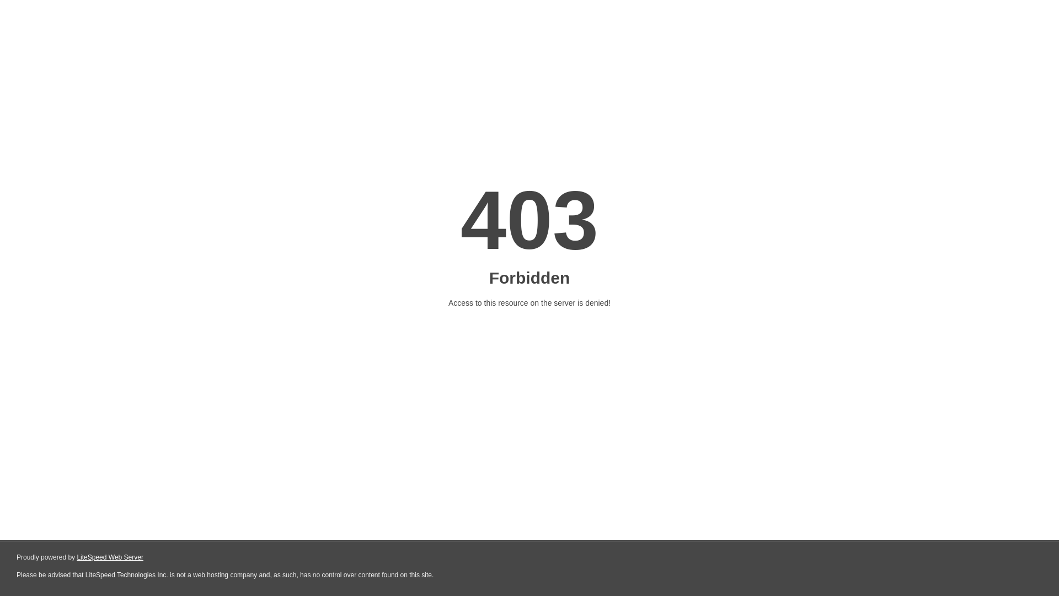 This screenshot has width=1059, height=596. Describe the element at coordinates (110, 557) in the screenshot. I see `'LiteSpeed Web Server'` at that location.